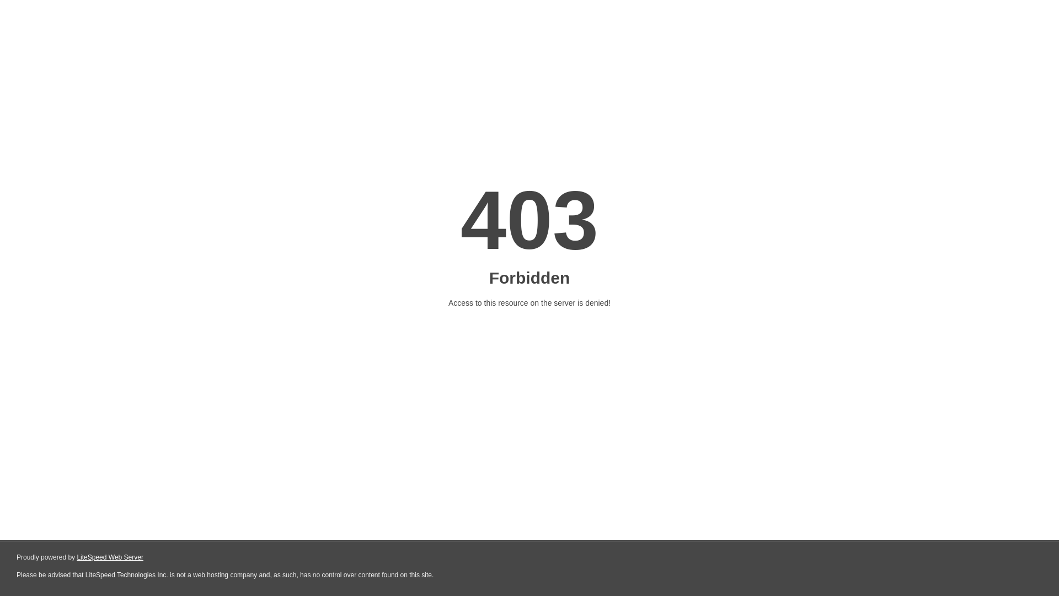 This screenshot has width=1059, height=596. Describe the element at coordinates (110, 557) in the screenshot. I see `'LiteSpeed Web Server'` at that location.